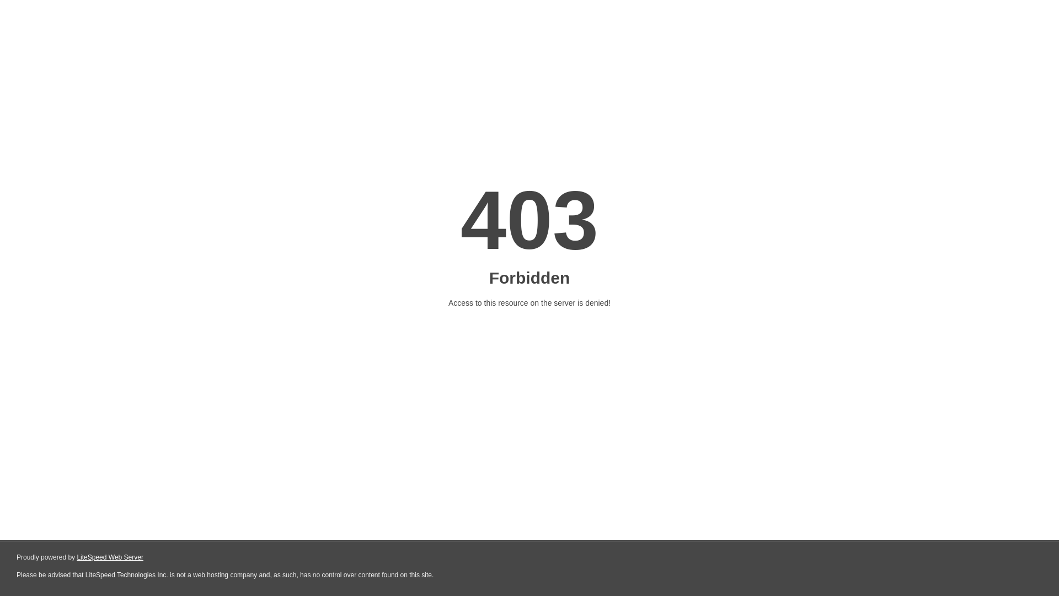 This screenshot has width=1059, height=596. Describe the element at coordinates (110, 557) in the screenshot. I see `'LiteSpeed Web Server'` at that location.